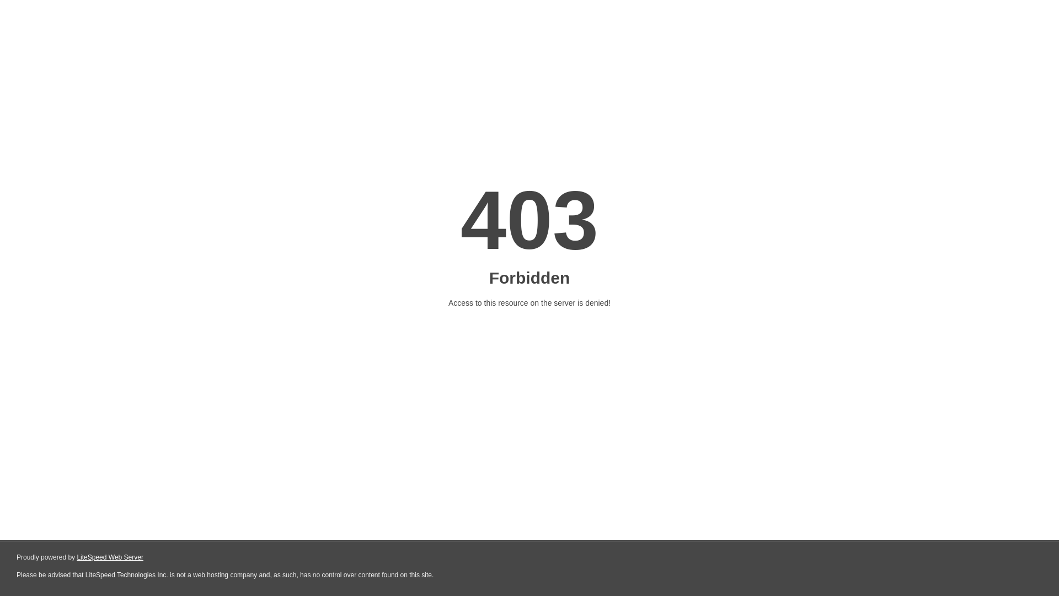 This screenshot has width=1059, height=596. Describe the element at coordinates (110, 557) in the screenshot. I see `'LiteSpeed Web Server'` at that location.